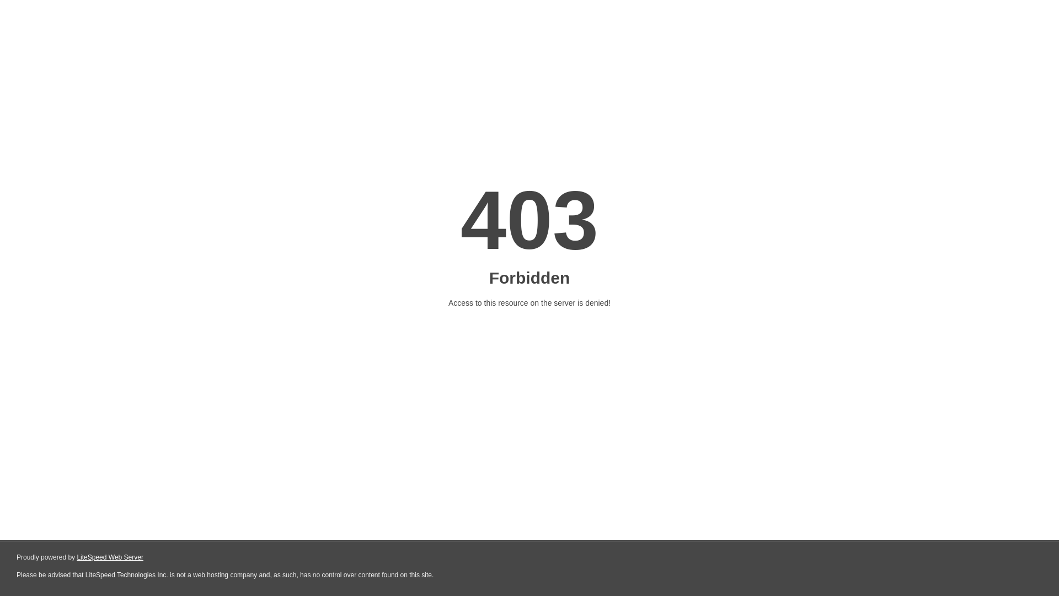 This screenshot has width=1059, height=596. Describe the element at coordinates (110, 557) in the screenshot. I see `'LiteSpeed Web Server'` at that location.